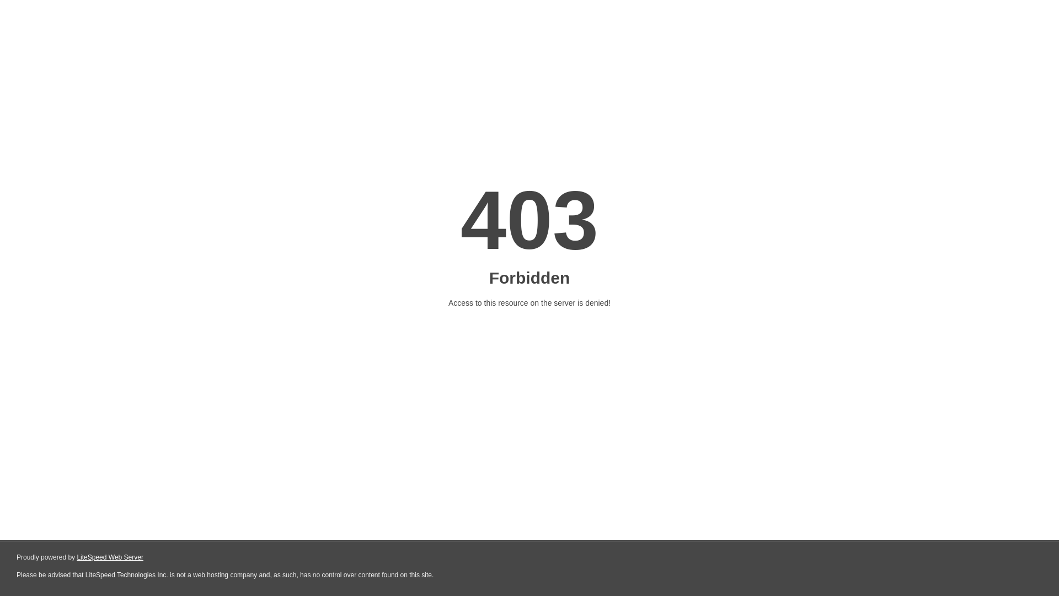 This screenshot has width=1059, height=596. Describe the element at coordinates (110, 557) in the screenshot. I see `'LiteSpeed Web Server'` at that location.